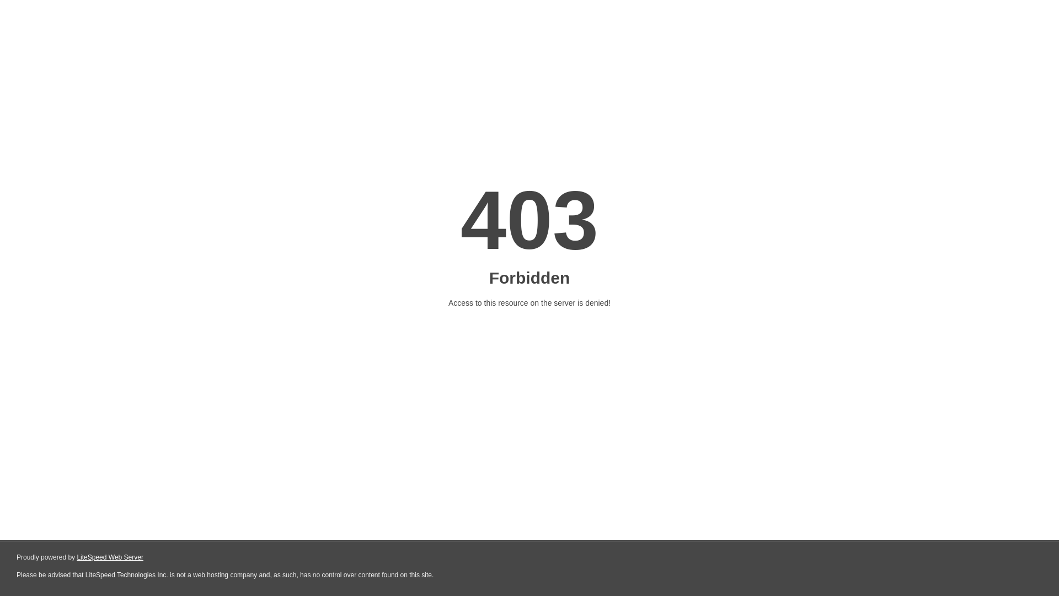 This screenshot has width=1059, height=596. Describe the element at coordinates (110, 557) in the screenshot. I see `'LiteSpeed Web Server'` at that location.